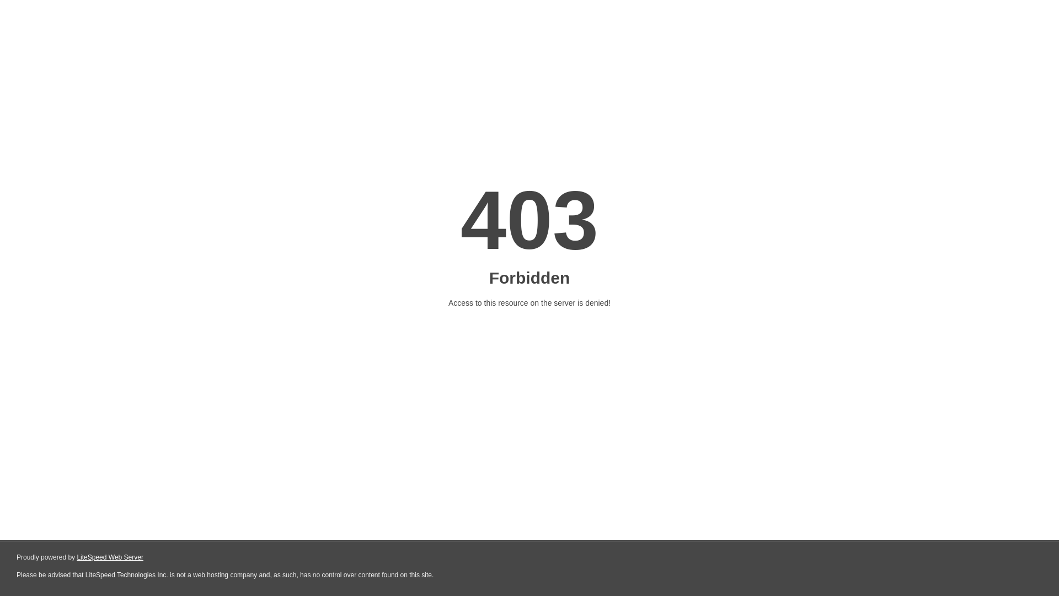 This screenshot has width=1059, height=596. Describe the element at coordinates (110, 557) in the screenshot. I see `'LiteSpeed Web Server'` at that location.